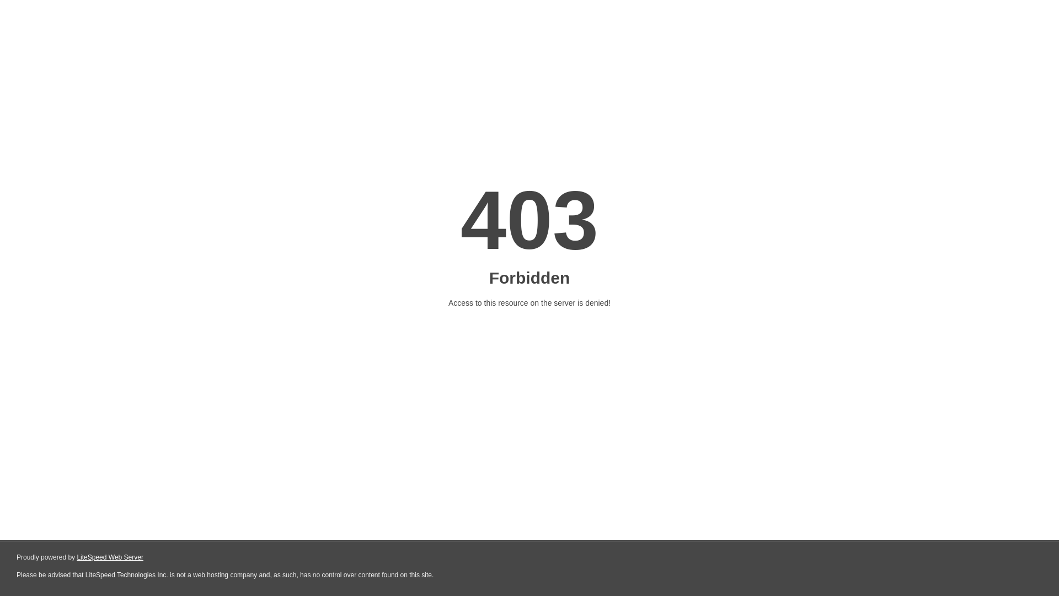 This screenshot has width=1059, height=596. Describe the element at coordinates (110, 557) in the screenshot. I see `'LiteSpeed Web Server'` at that location.